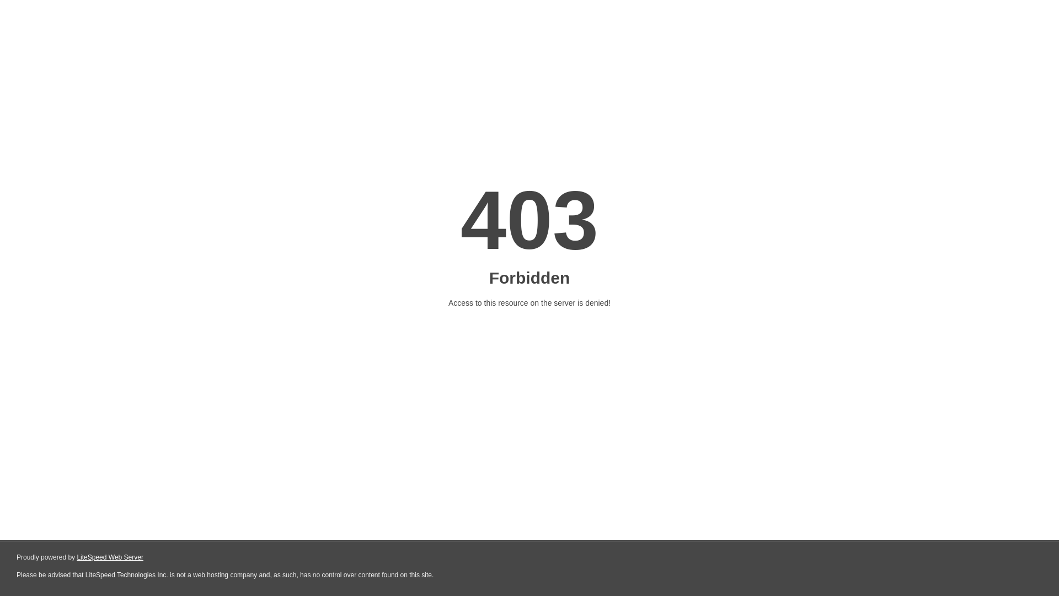 This screenshot has width=1059, height=596. Describe the element at coordinates (110, 557) in the screenshot. I see `'LiteSpeed Web Server'` at that location.